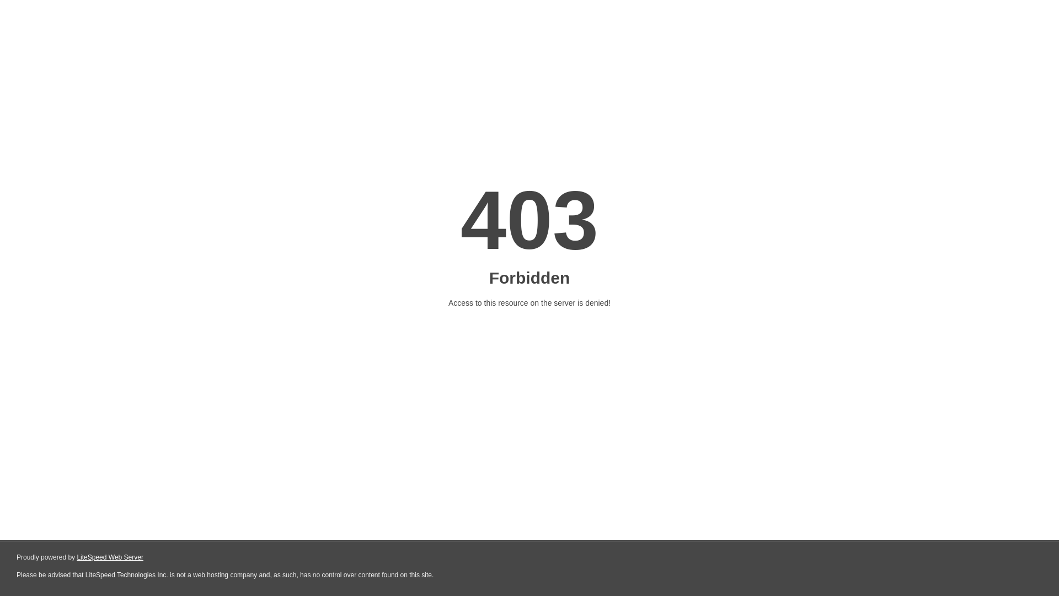 This screenshot has width=1059, height=596. Describe the element at coordinates (110, 557) in the screenshot. I see `'LiteSpeed Web Server'` at that location.